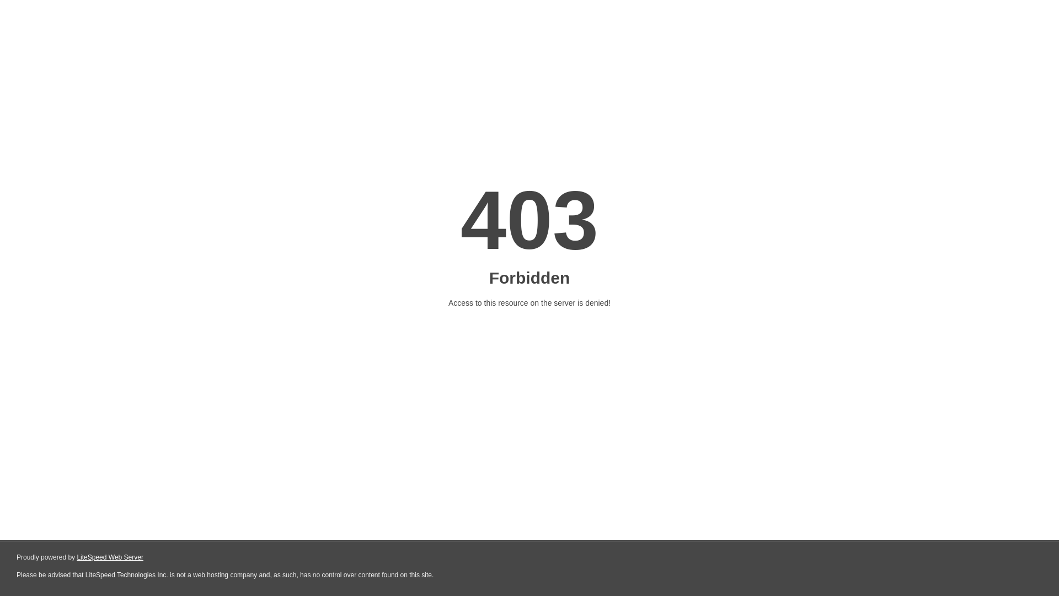 This screenshot has width=1059, height=596. Describe the element at coordinates (110, 557) in the screenshot. I see `'LiteSpeed Web Server'` at that location.